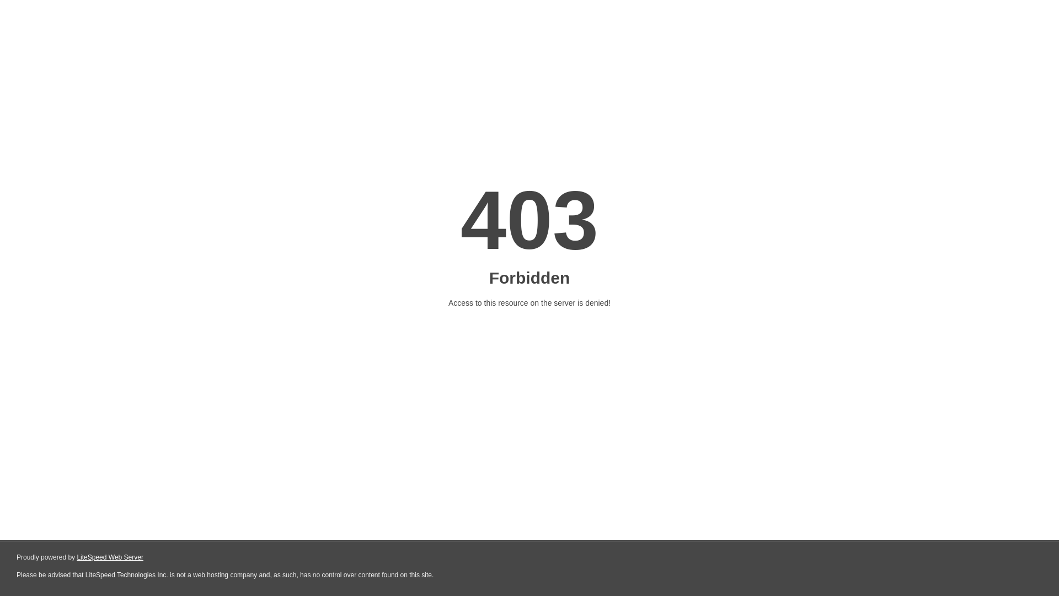 This screenshot has width=1059, height=596. Describe the element at coordinates (110, 557) in the screenshot. I see `'LiteSpeed Web Server'` at that location.